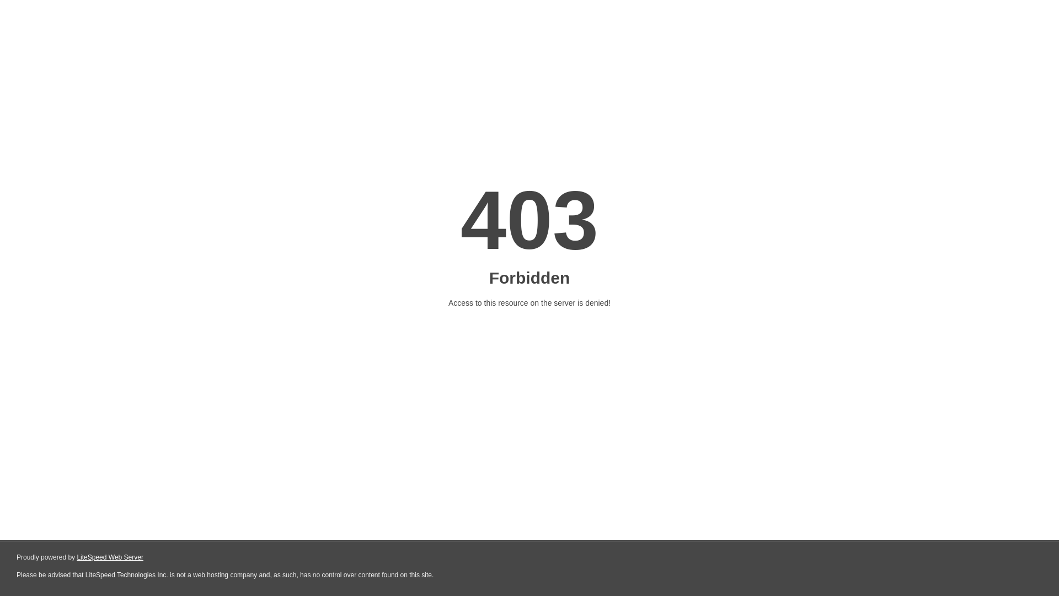 This screenshot has width=1059, height=596. Describe the element at coordinates (110, 557) in the screenshot. I see `'LiteSpeed Web Server'` at that location.